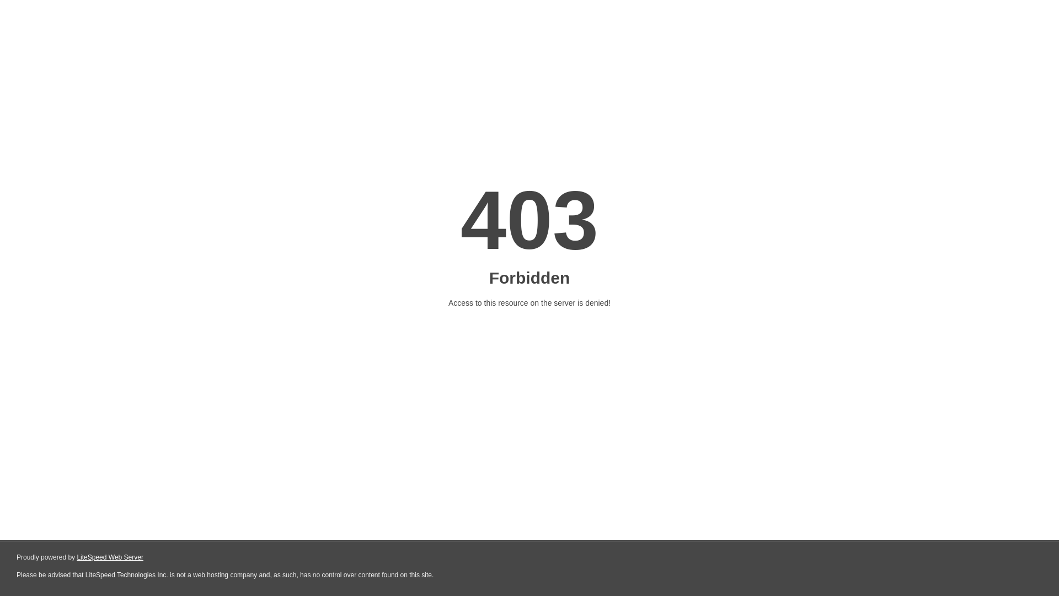 This screenshot has width=1059, height=596. Describe the element at coordinates (110, 557) in the screenshot. I see `'LiteSpeed Web Server'` at that location.